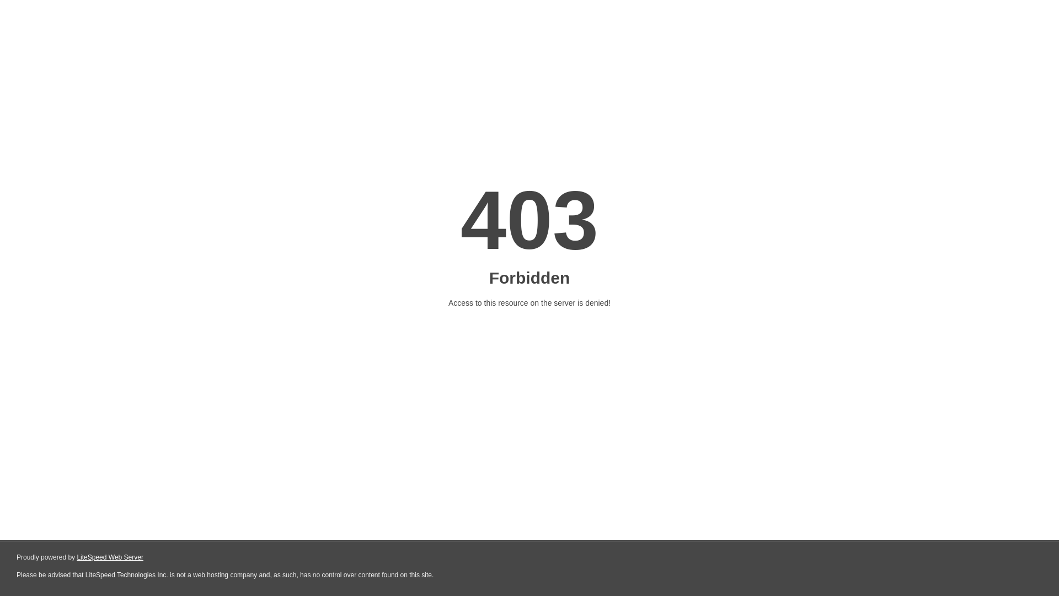 This screenshot has width=1059, height=596. Describe the element at coordinates (110, 557) in the screenshot. I see `'LiteSpeed Web Server'` at that location.